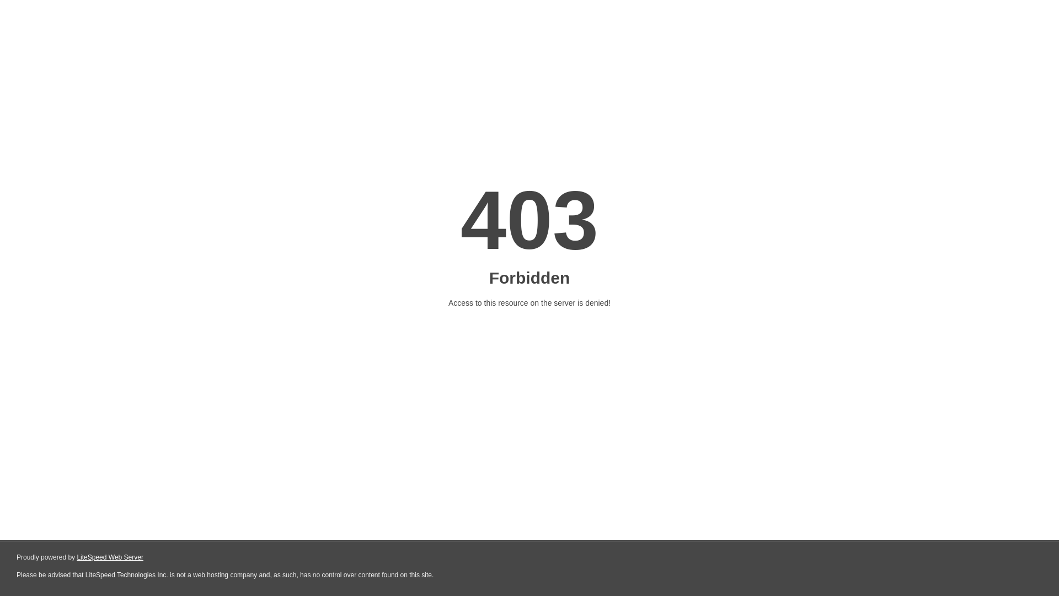 This screenshot has width=1059, height=596. Describe the element at coordinates (110, 557) in the screenshot. I see `'LiteSpeed Web Server'` at that location.